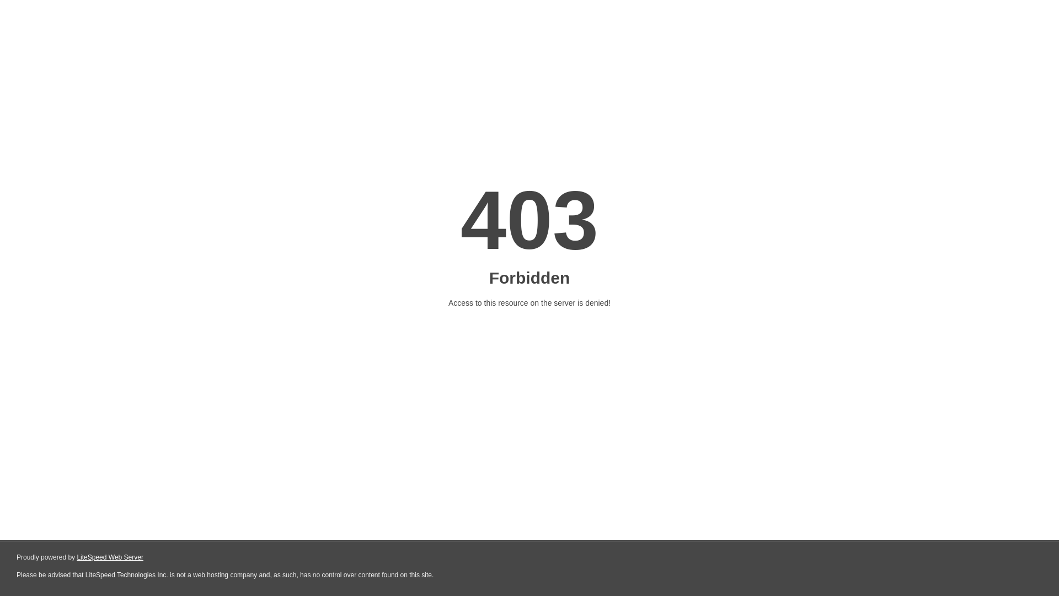 This screenshot has width=1059, height=596. Describe the element at coordinates (110, 557) in the screenshot. I see `'LiteSpeed Web Server'` at that location.